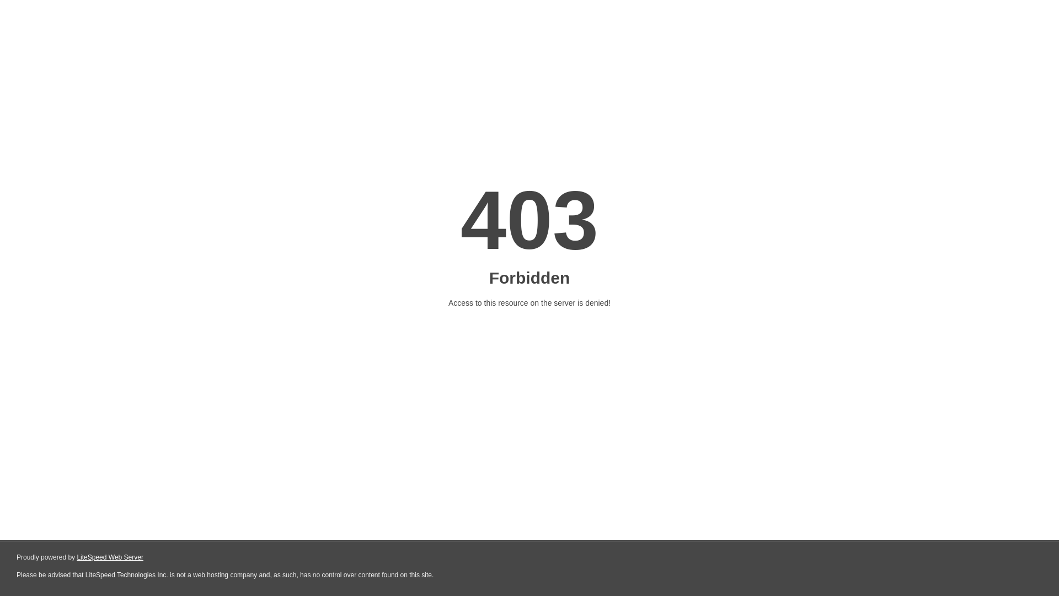 This screenshot has width=1059, height=596. Describe the element at coordinates (110, 557) in the screenshot. I see `'LiteSpeed Web Server'` at that location.